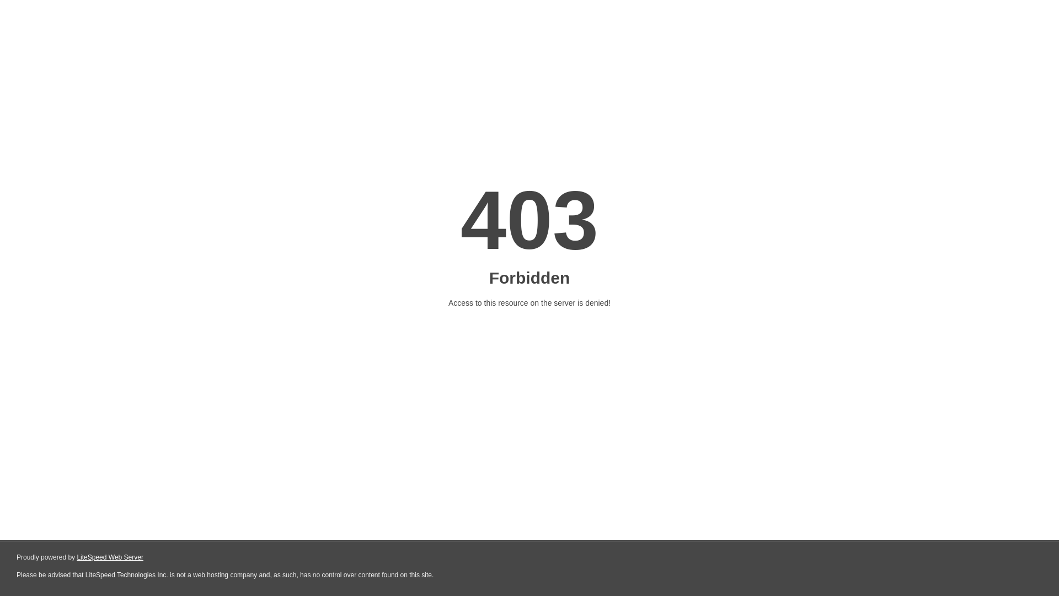 This screenshot has width=1059, height=596. Describe the element at coordinates (110, 557) in the screenshot. I see `'LiteSpeed Web Server'` at that location.